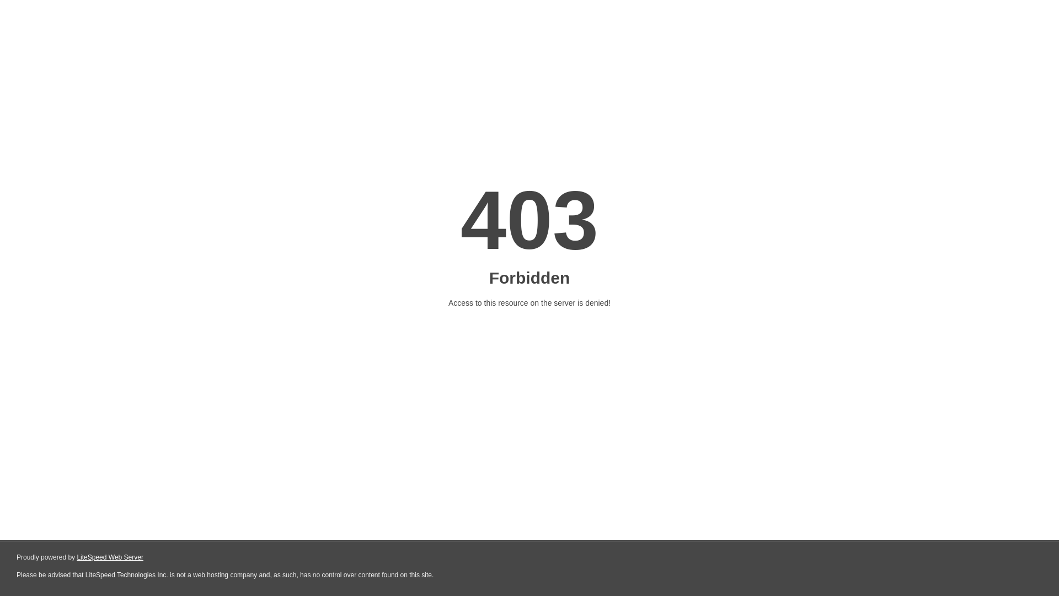 This screenshot has width=1059, height=596. Describe the element at coordinates (110, 557) in the screenshot. I see `'LiteSpeed Web Server'` at that location.